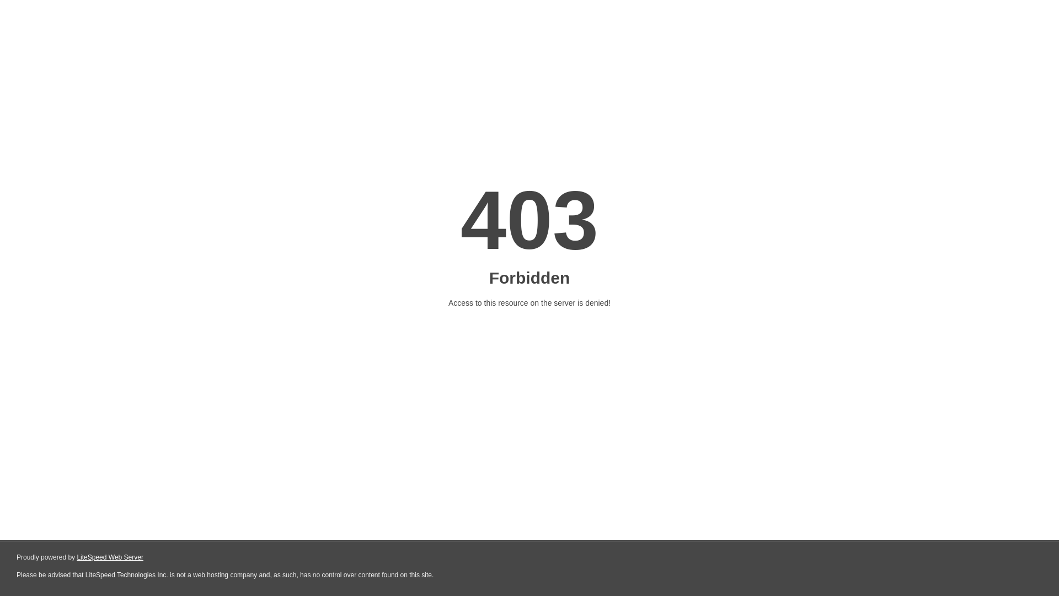 This screenshot has width=1059, height=596. Describe the element at coordinates (110, 557) in the screenshot. I see `'LiteSpeed Web Server'` at that location.